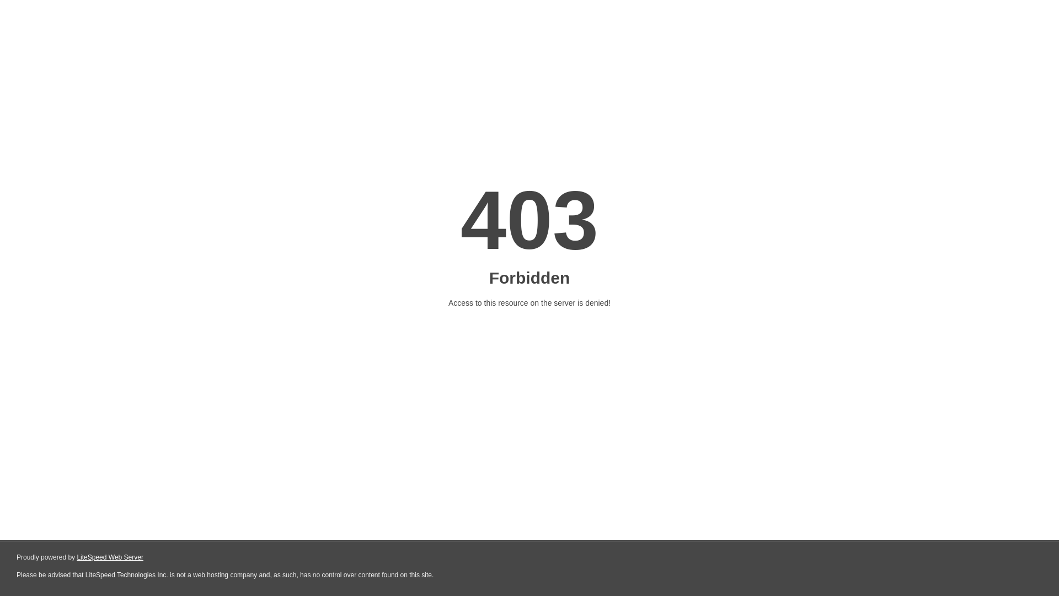 This screenshot has width=1059, height=596. Describe the element at coordinates (110, 557) in the screenshot. I see `'LiteSpeed Web Server'` at that location.